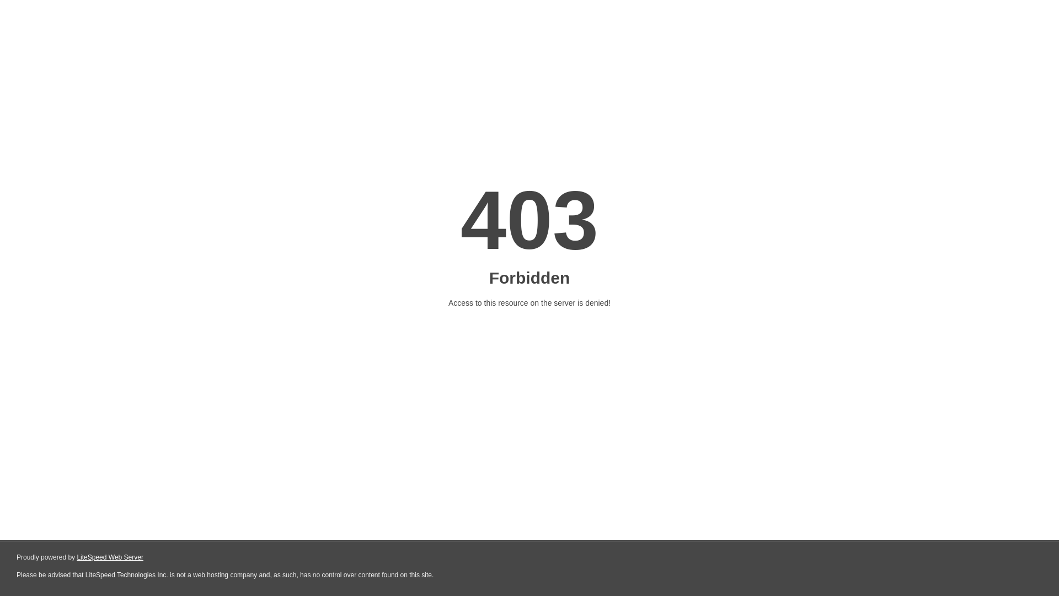 This screenshot has width=1059, height=596. Describe the element at coordinates (110, 557) in the screenshot. I see `'LiteSpeed Web Server'` at that location.